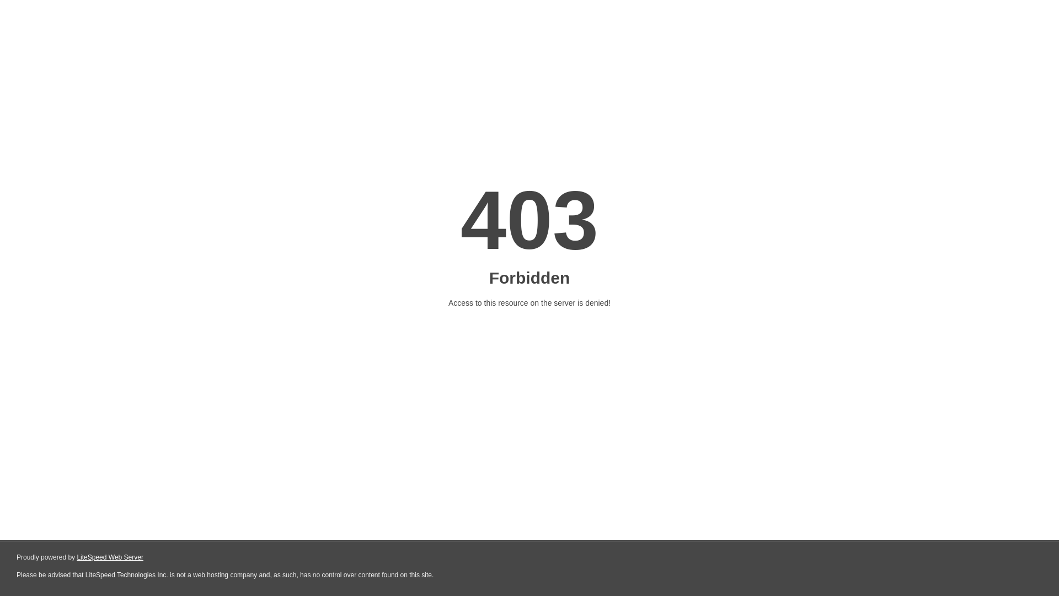 This screenshot has width=1059, height=596. Describe the element at coordinates (110, 557) in the screenshot. I see `'LiteSpeed Web Server'` at that location.